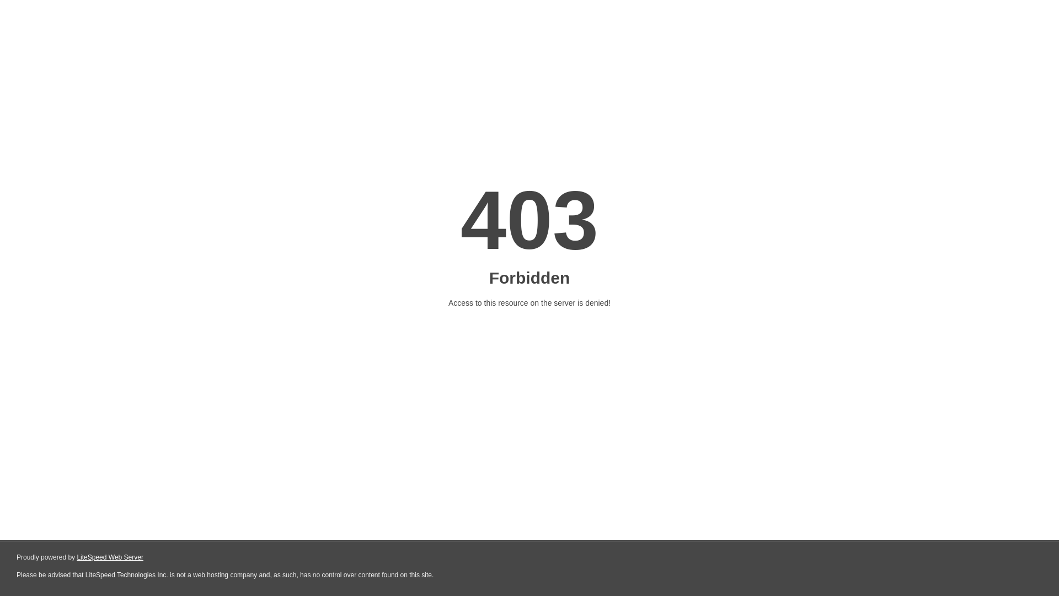 This screenshot has width=1059, height=596. Describe the element at coordinates (110, 557) in the screenshot. I see `'LiteSpeed Web Server'` at that location.